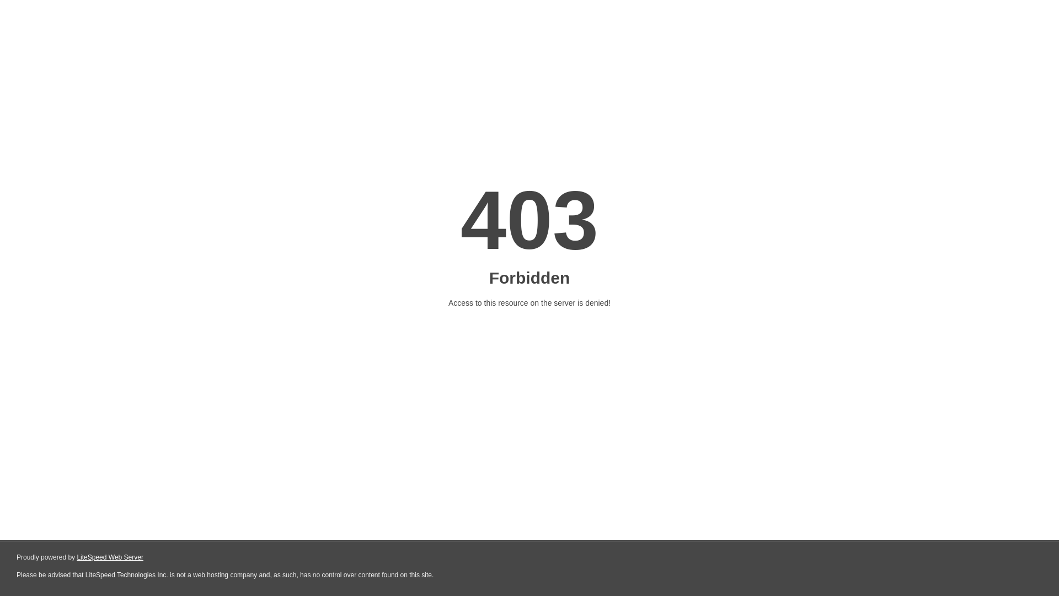 This screenshot has width=1059, height=596. Describe the element at coordinates (110, 557) in the screenshot. I see `'LiteSpeed Web Server'` at that location.